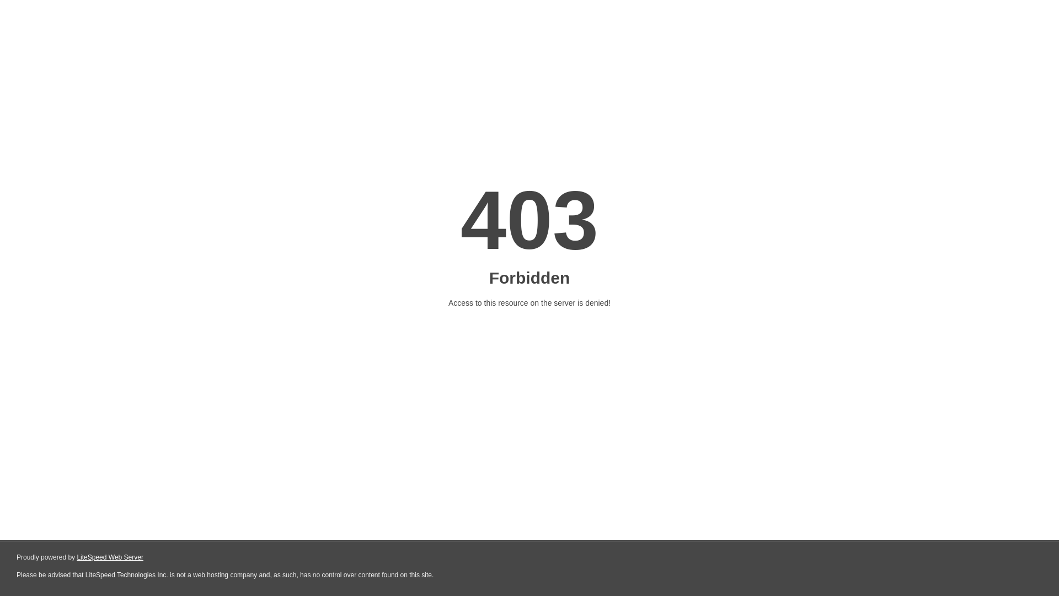 This screenshot has width=1059, height=596. Describe the element at coordinates (110, 557) in the screenshot. I see `'LiteSpeed Web Server'` at that location.